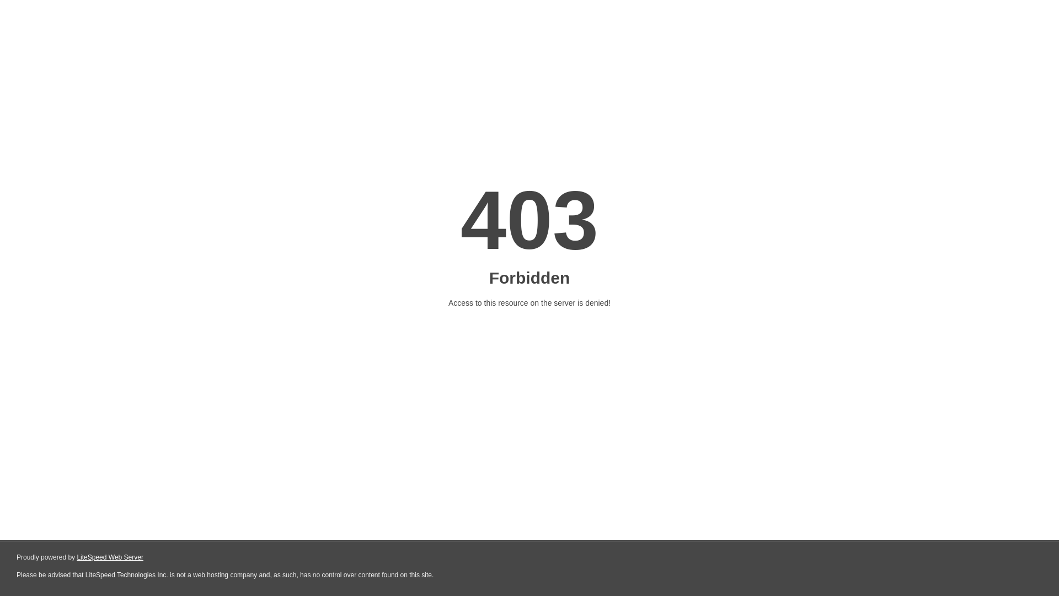 This screenshot has width=1059, height=596. Describe the element at coordinates (110, 557) in the screenshot. I see `'LiteSpeed Web Server'` at that location.